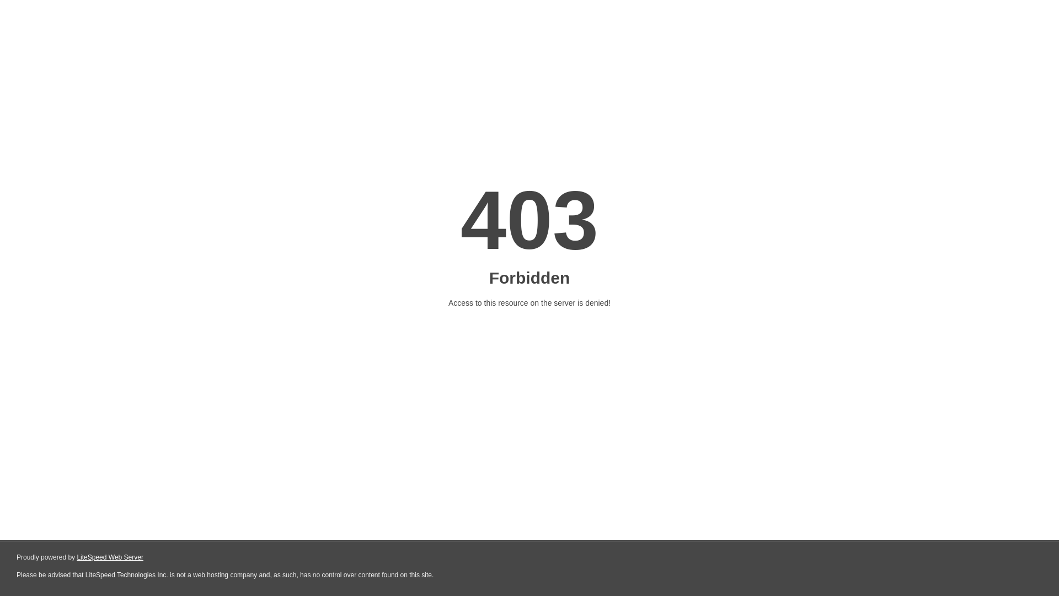 This screenshot has width=1059, height=596. Describe the element at coordinates (110, 557) in the screenshot. I see `'LiteSpeed Web Server'` at that location.